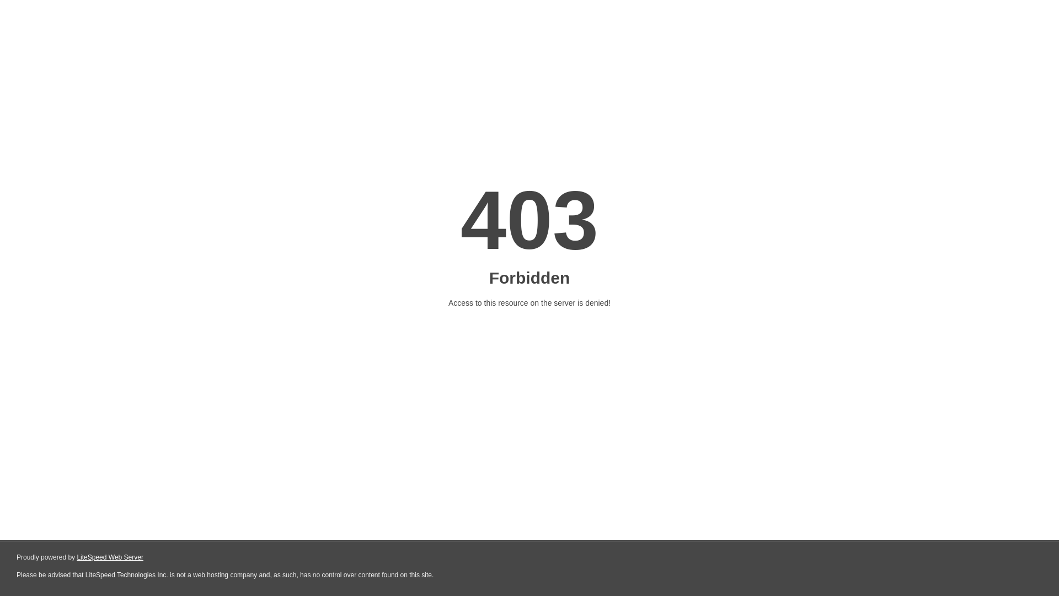 This screenshot has width=1059, height=596. Describe the element at coordinates (110, 557) in the screenshot. I see `'LiteSpeed Web Server'` at that location.